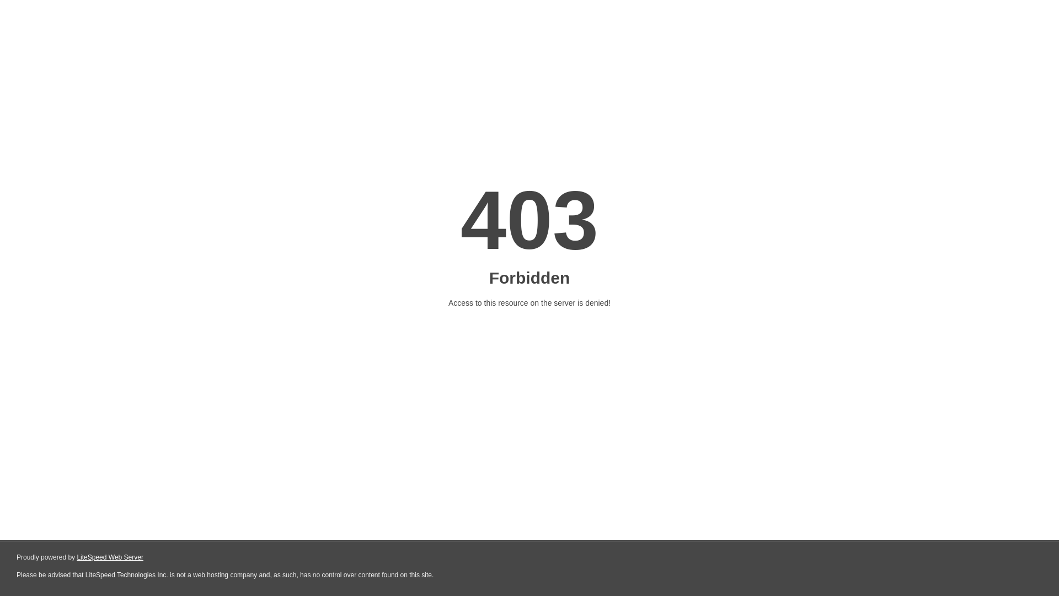 This screenshot has width=1059, height=596. Describe the element at coordinates (110, 557) in the screenshot. I see `'LiteSpeed Web Server'` at that location.